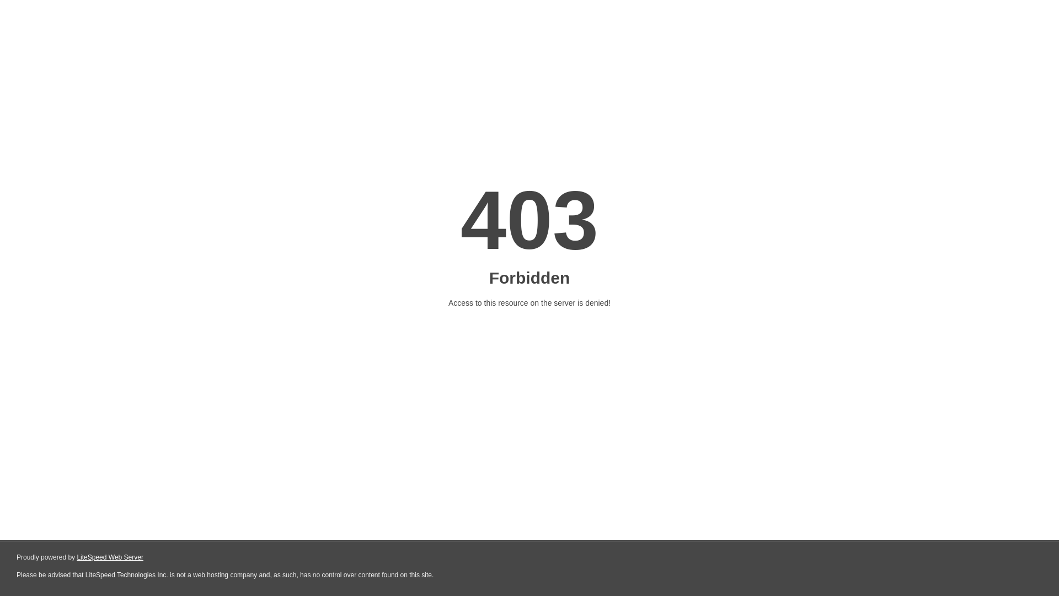 This screenshot has width=1059, height=596. Describe the element at coordinates (110, 557) in the screenshot. I see `'LiteSpeed Web Server'` at that location.